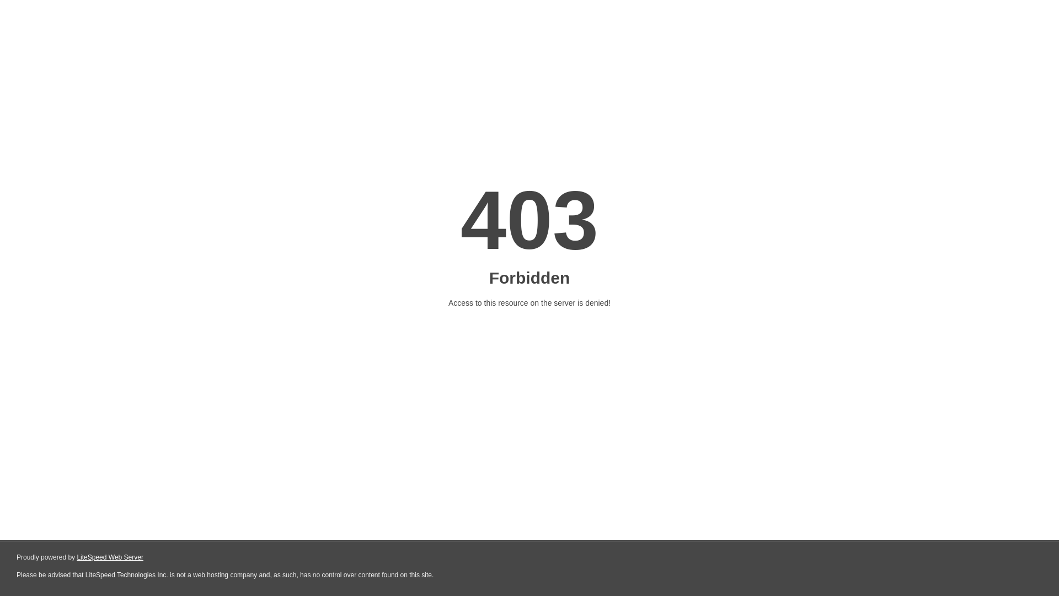 This screenshot has width=1059, height=596. Describe the element at coordinates (110, 557) in the screenshot. I see `'LiteSpeed Web Server'` at that location.